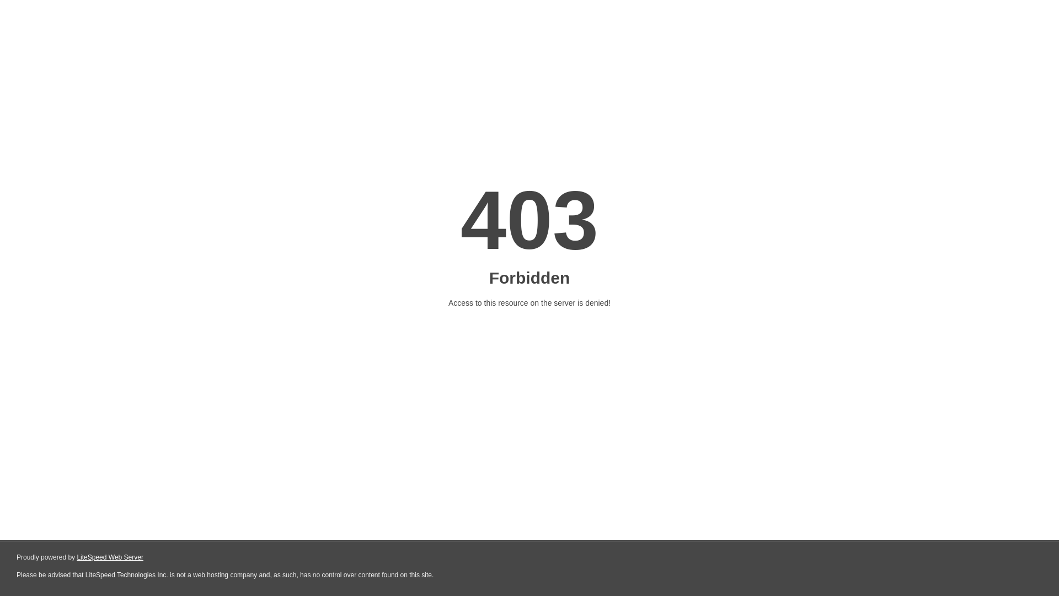 This screenshot has width=1059, height=596. Describe the element at coordinates (110, 557) in the screenshot. I see `'LiteSpeed Web Server'` at that location.